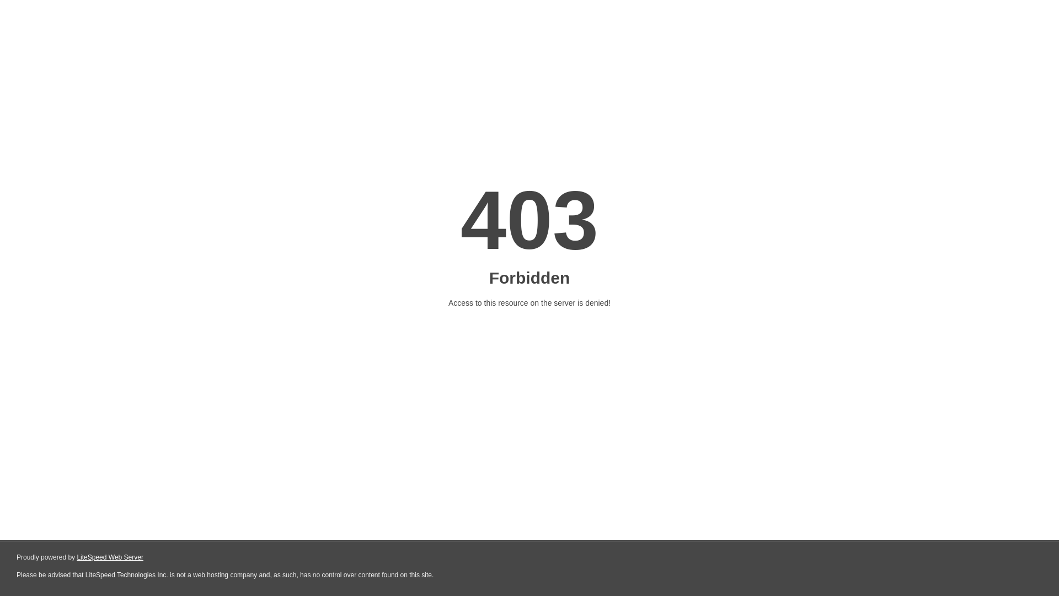 This screenshot has width=1059, height=596. Describe the element at coordinates (110, 557) in the screenshot. I see `'LiteSpeed Web Server'` at that location.